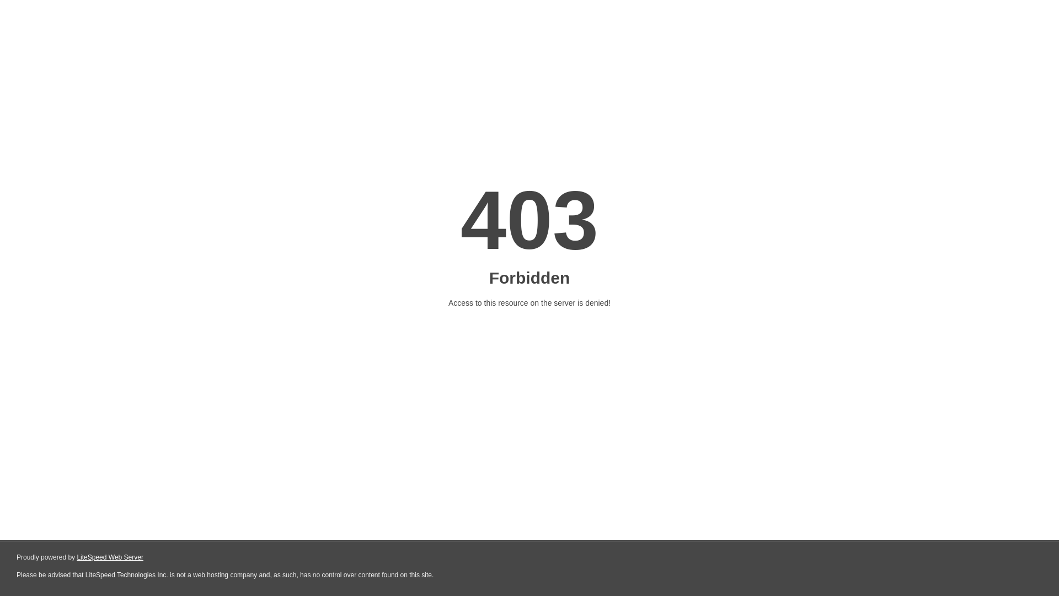 This screenshot has width=1059, height=596. Describe the element at coordinates (110, 557) in the screenshot. I see `'LiteSpeed Web Server'` at that location.